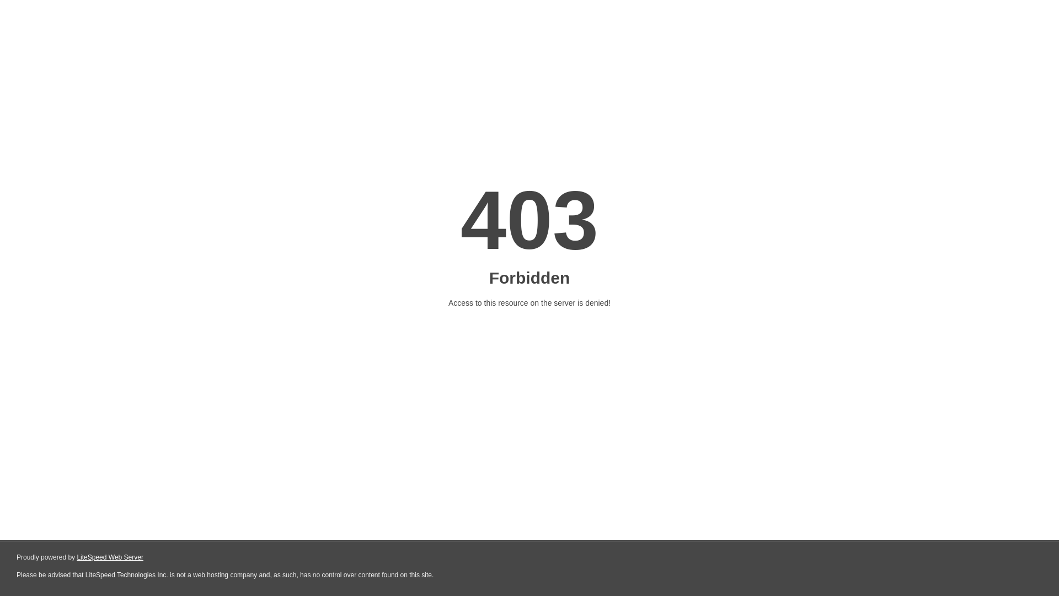 This screenshot has width=1059, height=596. Describe the element at coordinates (110, 557) in the screenshot. I see `'LiteSpeed Web Server'` at that location.